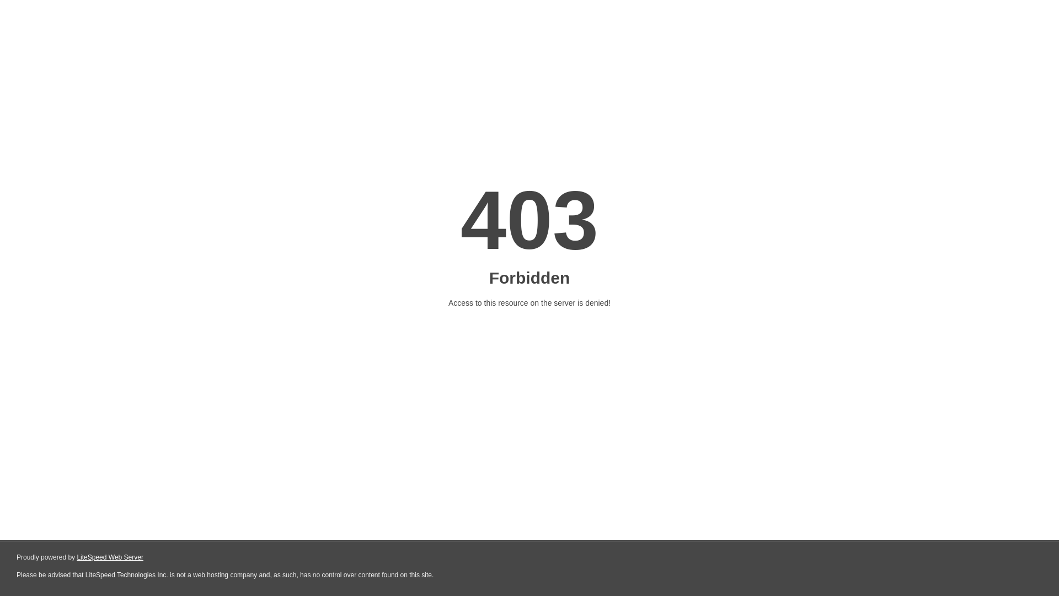 This screenshot has width=1059, height=596. Describe the element at coordinates (110, 557) in the screenshot. I see `'LiteSpeed Web Server'` at that location.